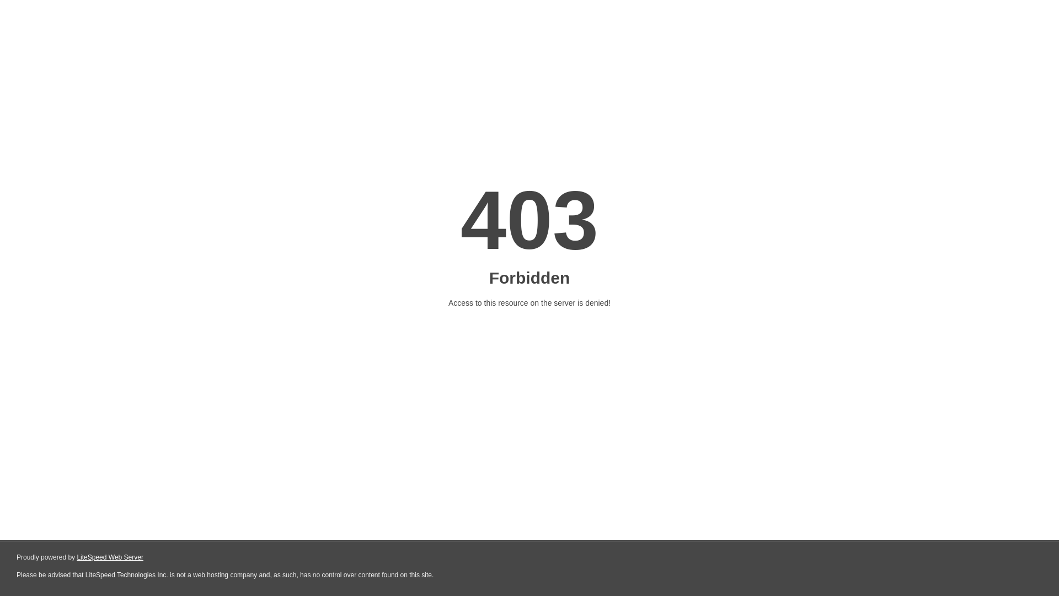 This screenshot has width=1059, height=596. Describe the element at coordinates (110, 557) in the screenshot. I see `'LiteSpeed Web Server'` at that location.